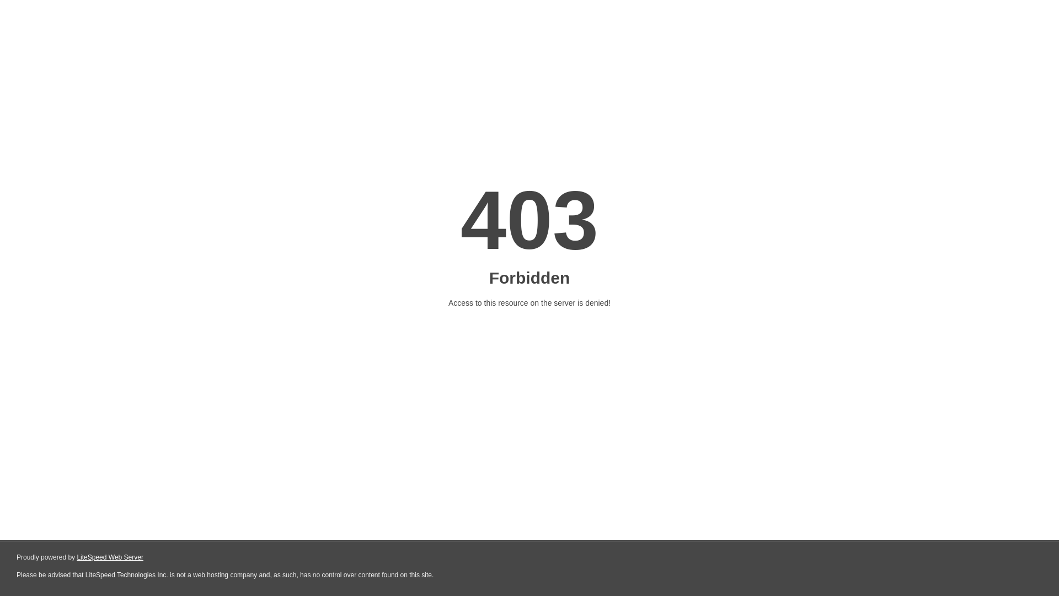 This screenshot has width=1059, height=596. Describe the element at coordinates (110, 557) in the screenshot. I see `'LiteSpeed Web Server'` at that location.